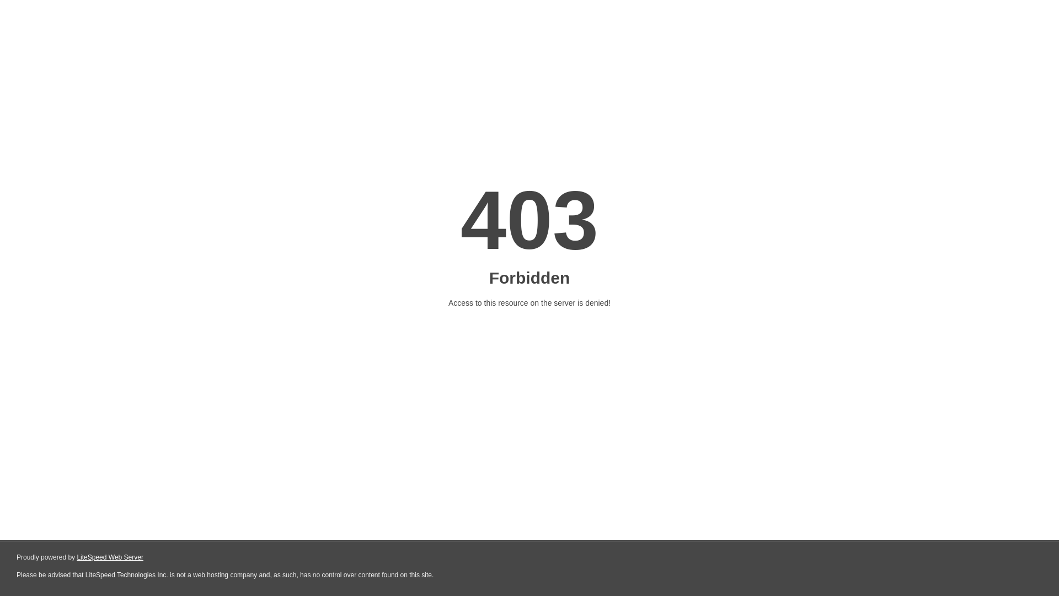 This screenshot has width=1059, height=596. Describe the element at coordinates (110, 557) in the screenshot. I see `'LiteSpeed Web Server'` at that location.